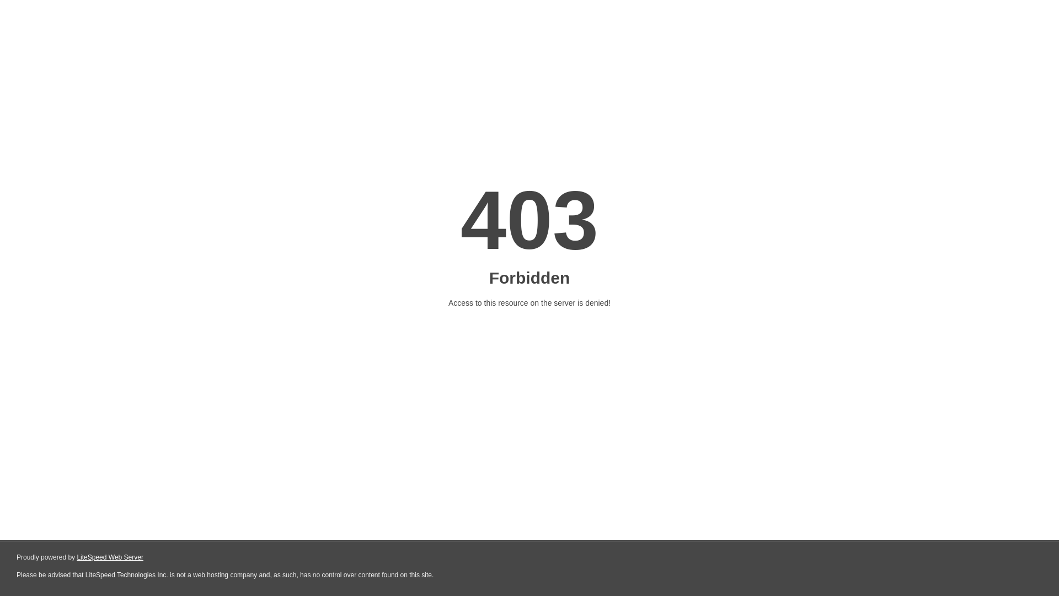 This screenshot has width=1059, height=596. Describe the element at coordinates (110, 557) in the screenshot. I see `'LiteSpeed Web Server'` at that location.